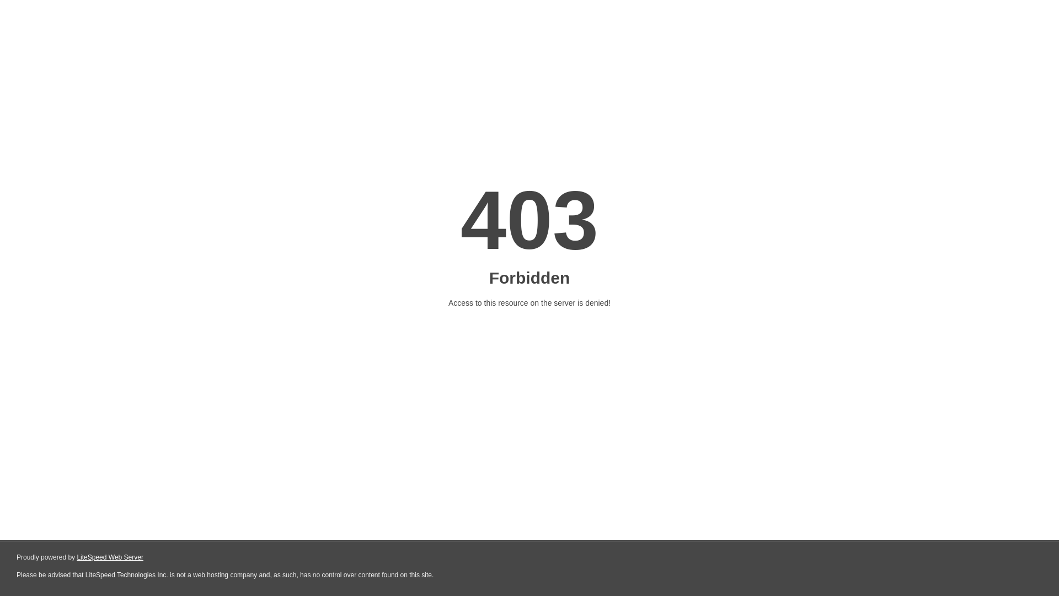 This screenshot has width=1059, height=596. Describe the element at coordinates (110, 557) in the screenshot. I see `'LiteSpeed Web Server'` at that location.